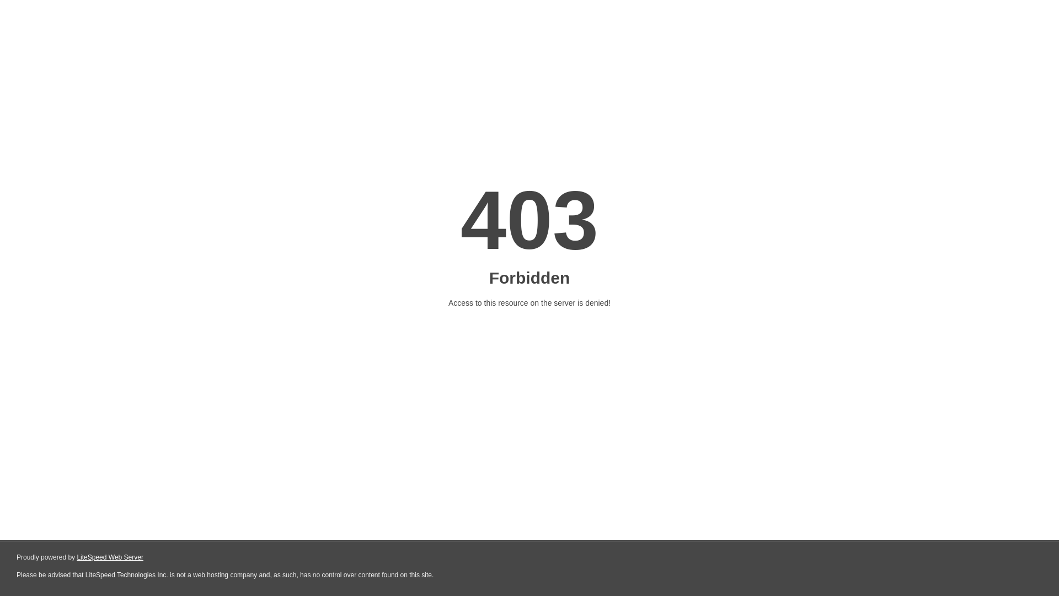 This screenshot has width=1059, height=596. Describe the element at coordinates (110, 557) in the screenshot. I see `'LiteSpeed Web Server'` at that location.